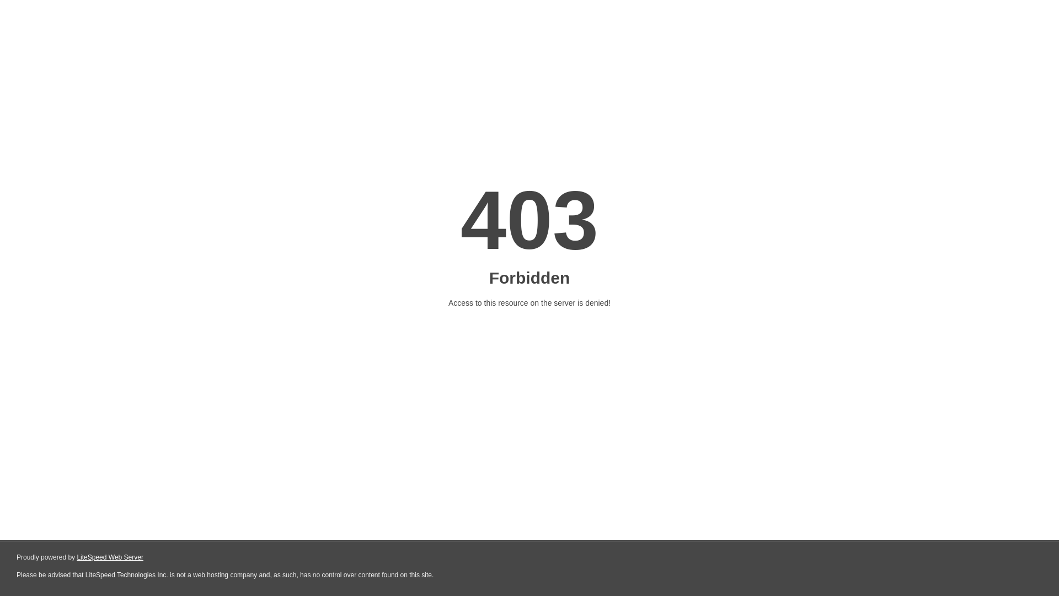 This screenshot has width=1059, height=596. Describe the element at coordinates (110, 557) in the screenshot. I see `'LiteSpeed Web Server'` at that location.